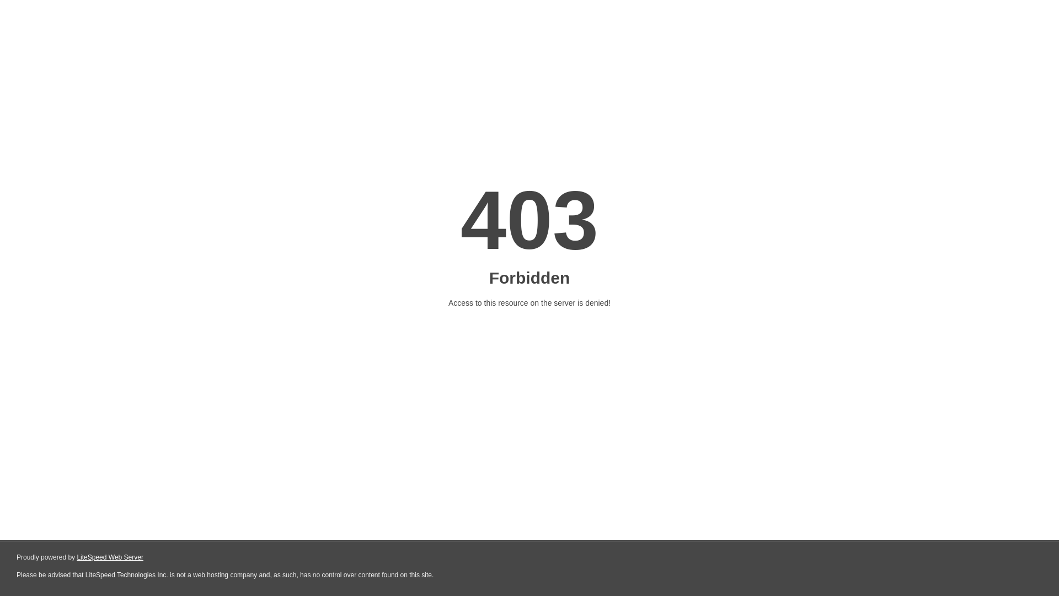 This screenshot has width=1059, height=596. Describe the element at coordinates (110, 557) in the screenshot. I see `'LiteSpeed Web Server'` at that location.